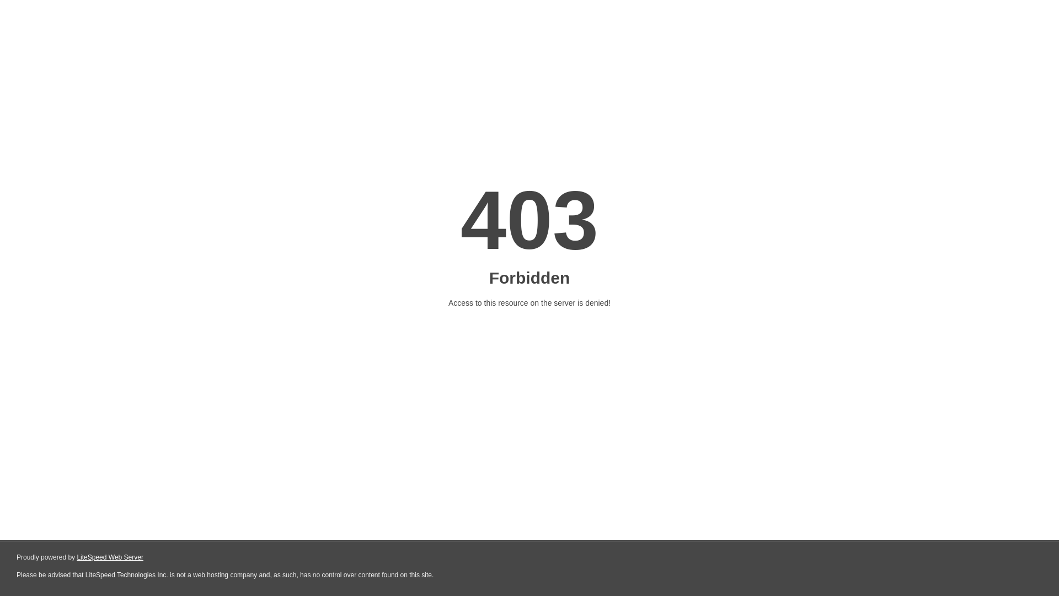 This screenshot has width=1059, height=596. Describe the element at coordinates (110, 557) in the screenshot. I see `'LiteSpeed Web Server'` at that location.